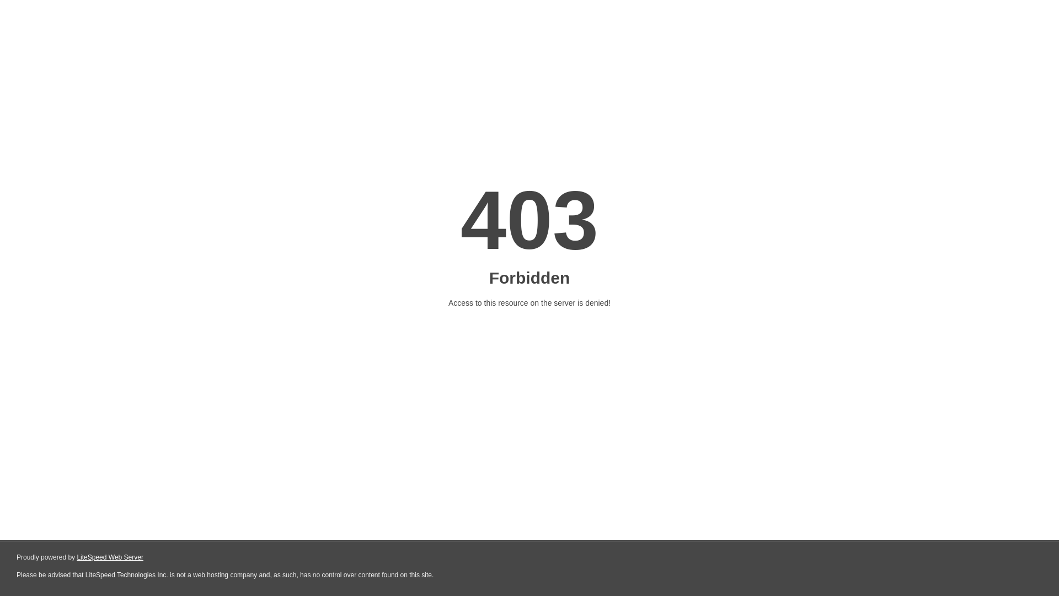 This screenshot has width=1059, height=596. Describe the element at coordinates (110, 557) in the screenshot. I see `'LiteSpeed Web Server'` at that location.